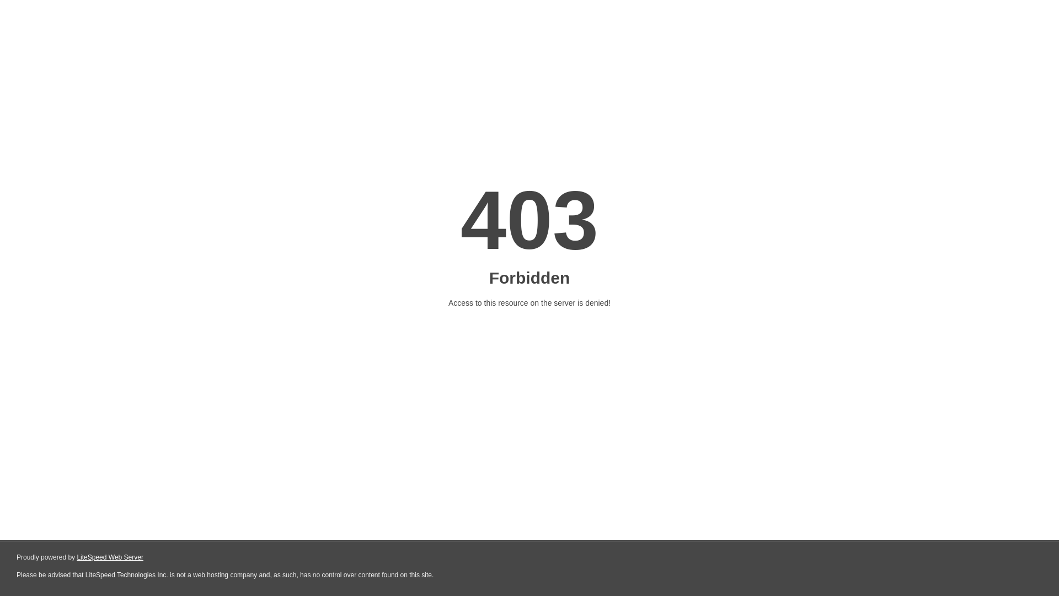 This screenshot has width=1059, height=596. Describe the element at coordinates (110, 557) in the screenshot. I see `'LiteSpeed Web Server'` at that location.